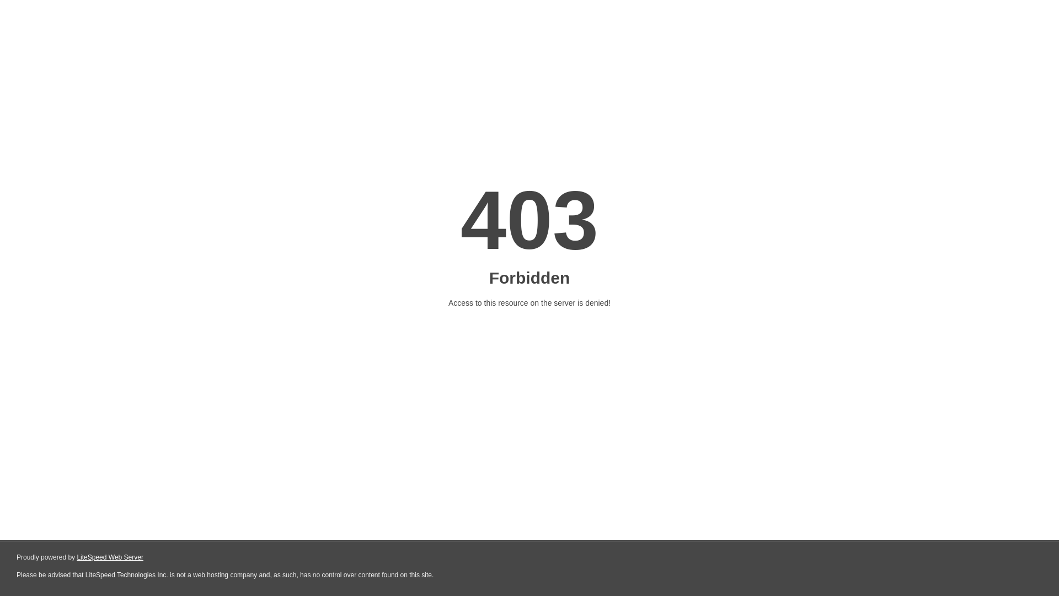 This screenshot has width=1059, height=596. Describe the element at coordinates (110, 557) in the screenshot. I see `'LiteSpeed Web Server'` at that location.